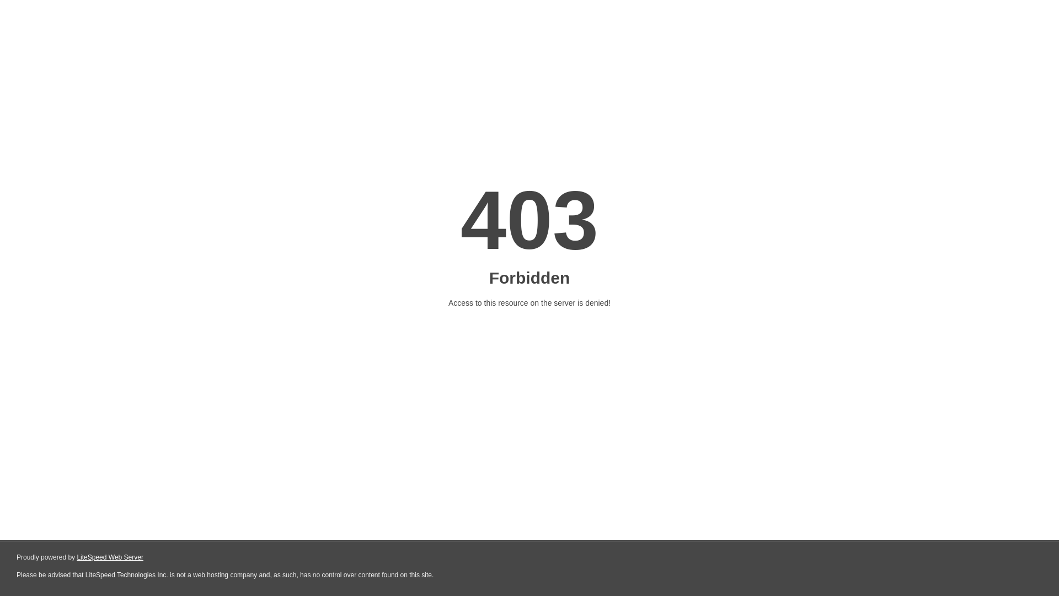 This screenshot has width=1059, height=596. Describe the element at coordinates (110, 557) in the screenshot. I see `'LiteSpeed Web Server'` at that location.